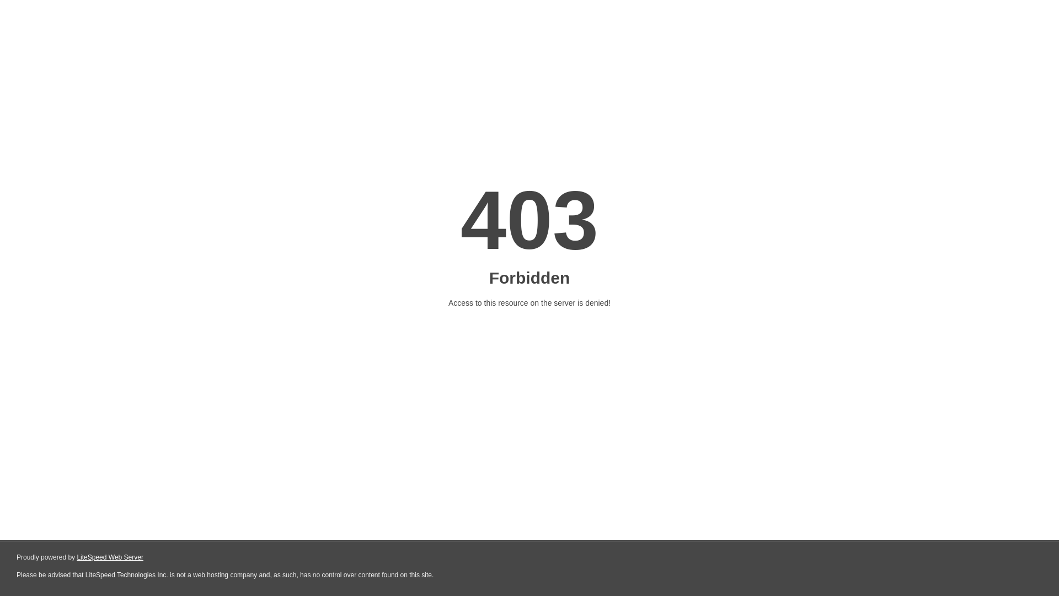 This screenshot has width=1059, height=596. Describe the element at coordinates (110, 557) in the screenshot. I see `'LiteSpeed Web Server'` at that location.